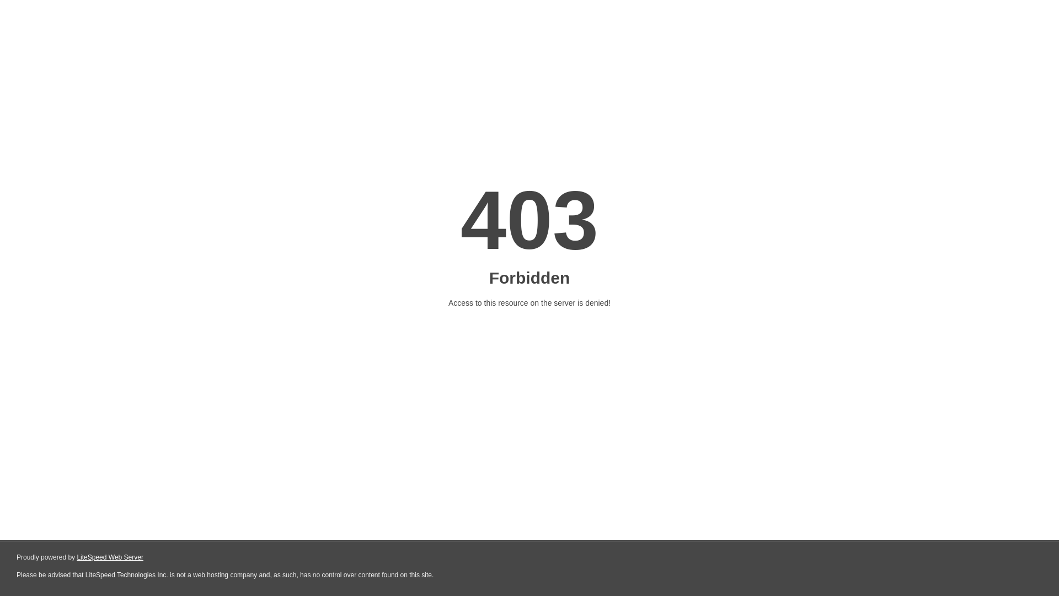 This screenshot has width=1059, height=596. Describe the element at coordinates (110, 557) in the screenshot. I see `'LiteSpeed Web Server'` at that location.